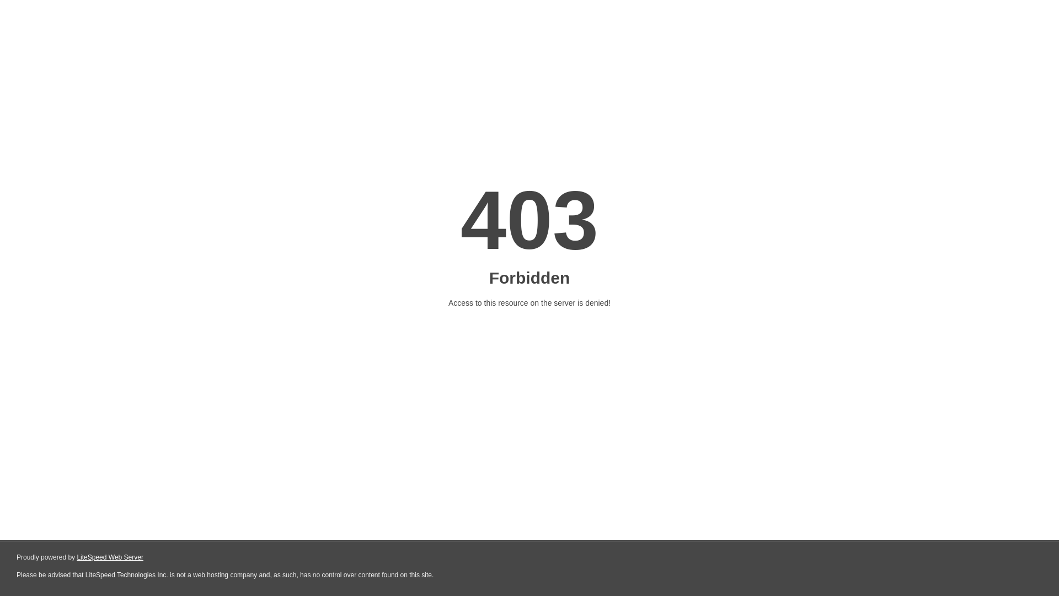 This screenshot has width=1059, height=596. Describe the element at coordinates (110, 557) in the screenshot. I see `'LiteSpeed Web Server'` at that location.